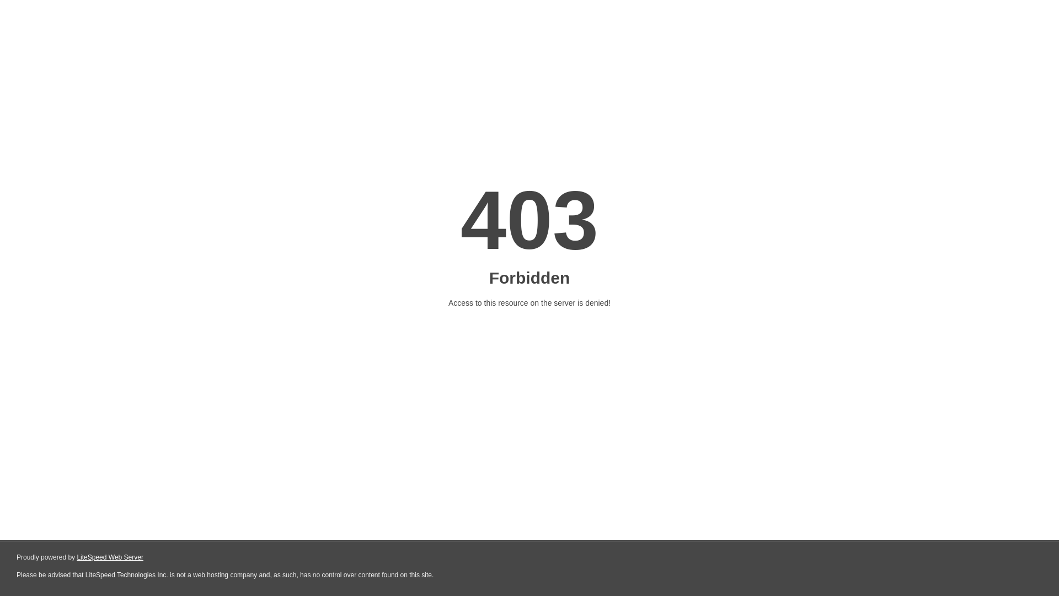 This screenshot has width=1059, height=596. Describe the element at coordinates (110, 557) in the screenshot. I see `'LiteSpeed Web Server'` at that location.